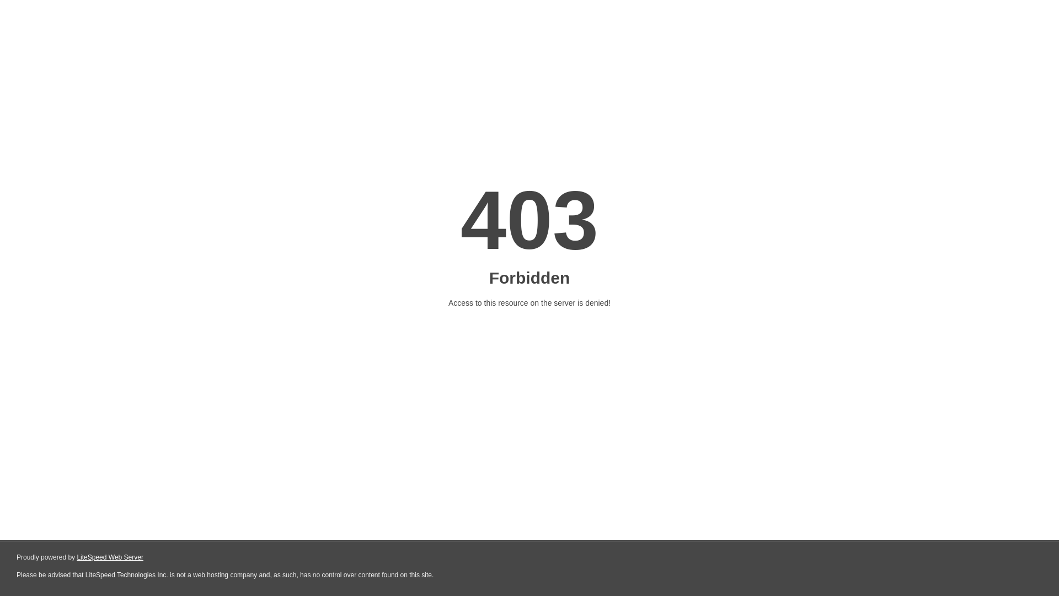 This screenshot has width=1059, height=596. Describe the element at coordinates (110, 557) in the screenshot. I see `'LiteSpeed Web Server'` at that location.